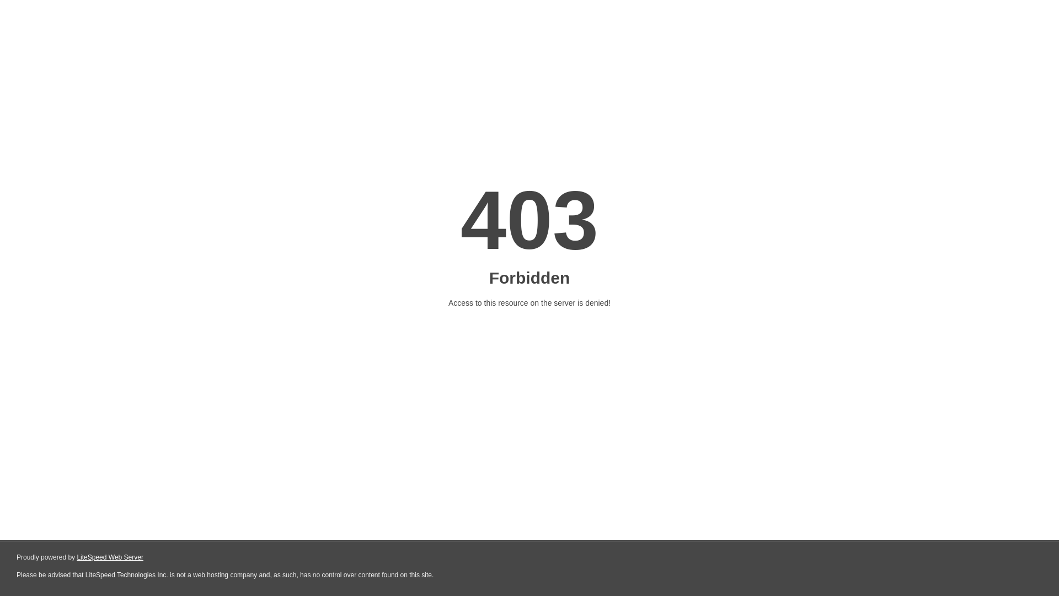 This screenshot has width=1059, height=596. Describe the element at coordinates (110, 557) in the screenshot. I see `'LiteSpeed Web Server'` at that location.